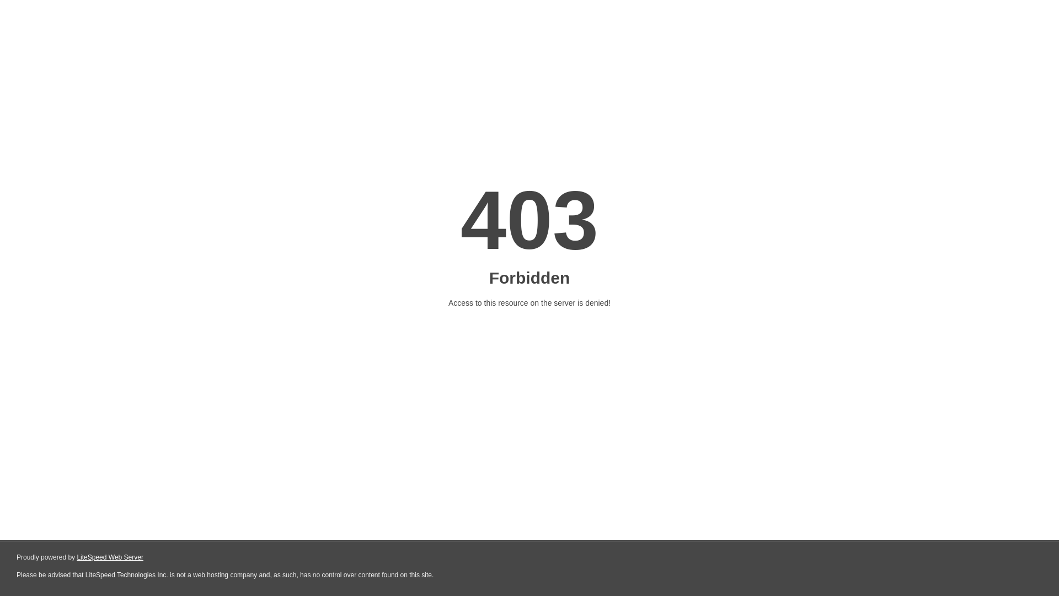 This screenshot has width=1059, height=596. Describe the element at coordinates (110, 557) in the screenshot. I see `'LiteSpeed Web Server'` at that location.